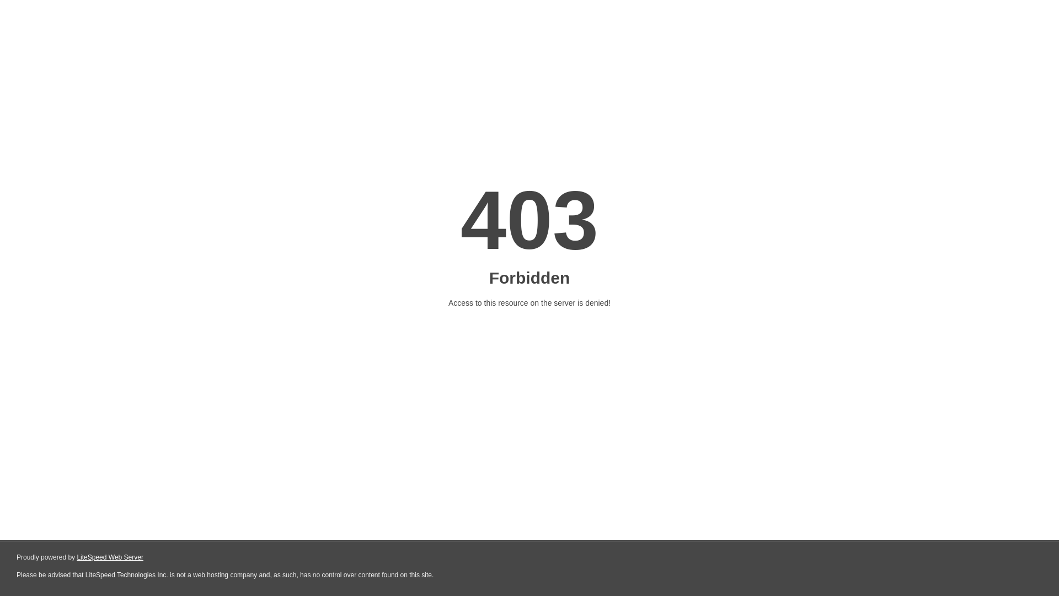 This screenshot has width=1059, height=596. Describe the element at coordinates (110, 557) in the screenshot. I see `'LiteSpeed Web Server'` at that location.